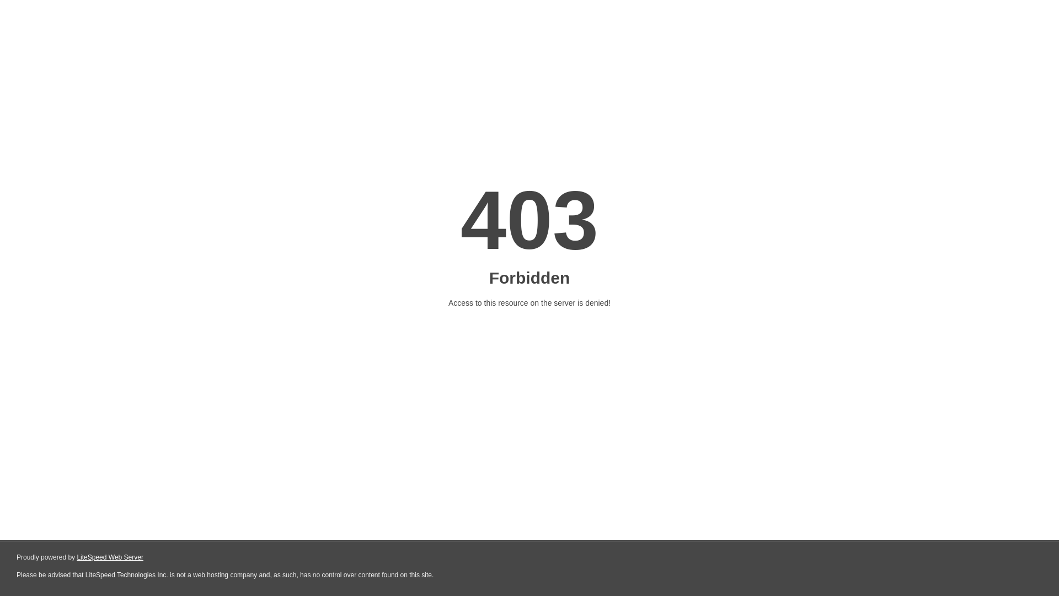 This screenshot has width=1059, height=596. Describe the element at coordinates (110, 557) in the screenshot. I see `'LiteSpeed Web Server'` at that location.